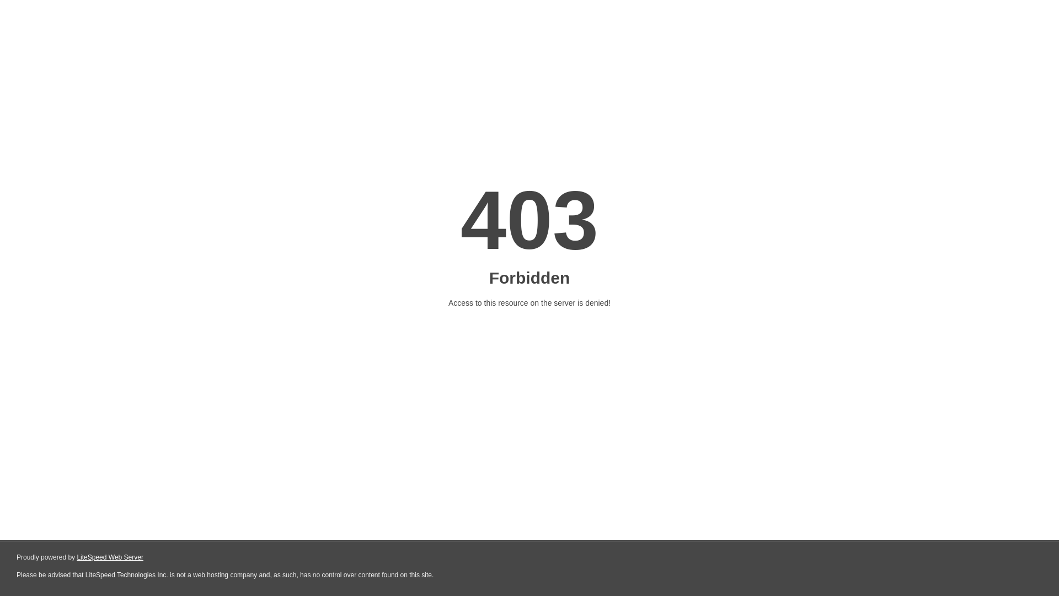 This screenshot has width=1059, height=596. Describe the element at coordinates (110, 557) in the screenshot. I see `'LiteSpeed Web Server'` at that location.